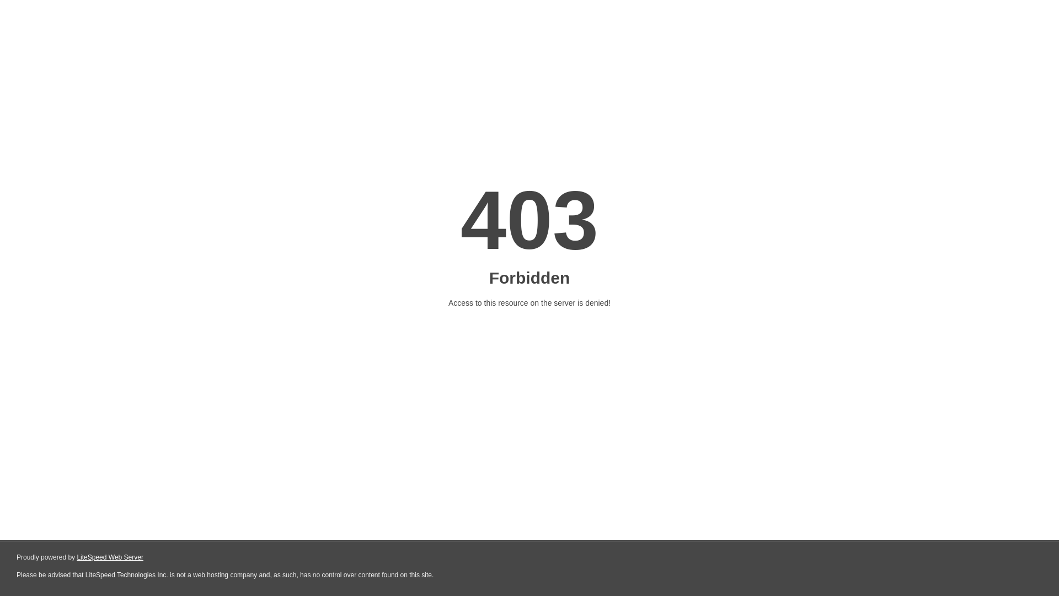 This screenshot has width=1059, height=596. Describe the element at coordinates (110, 557) in the screenshot. I see `'LiteSpeed Web Server'` at that location.